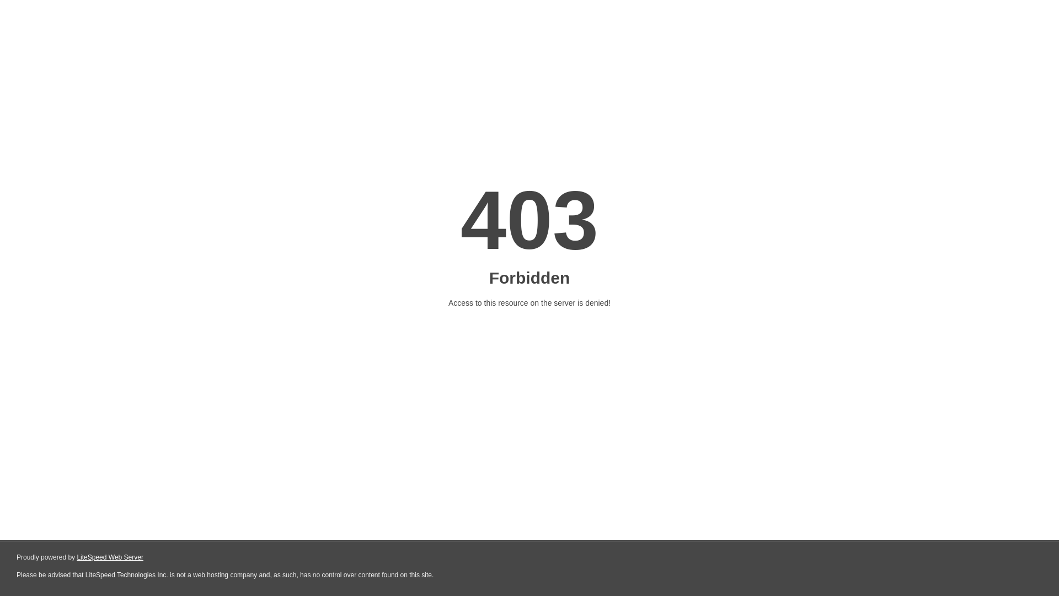 This screenshot has width=1059, height=596. Describe the element at coordinates (110, 557) in the screenshot. I see `'LiteSpeed Web Server'` at that location.